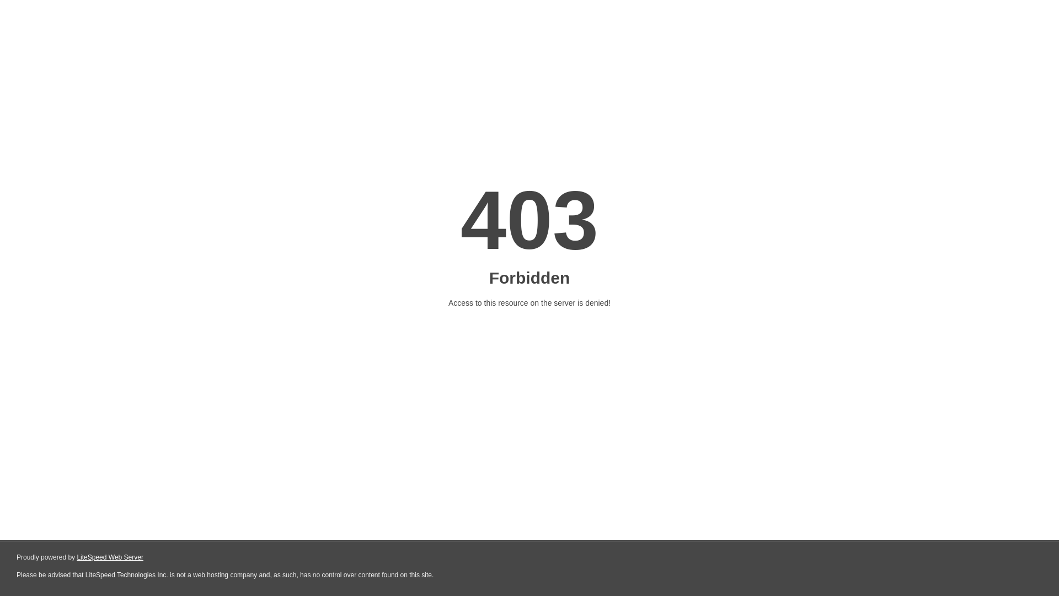 This screenshot has width=1059, height=596. Describe the element at coordinates (110, 557) in the screenshot. I see `'LiteSpeed Web Server'` at that location.